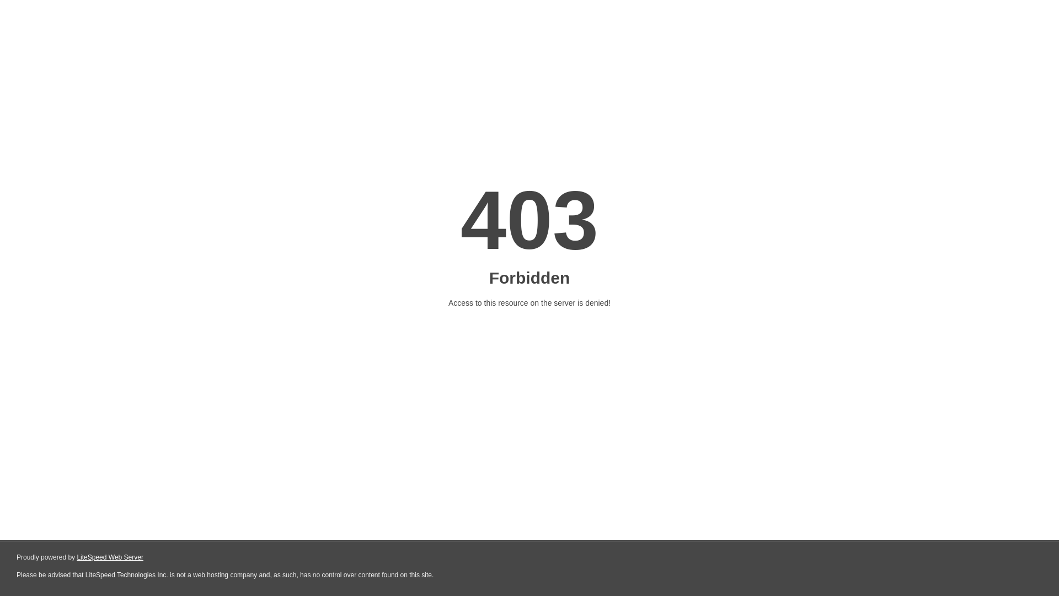 This screenshot has width=1059, height=596. Describe the element at coordinates (110, 557) in the screenshot. I see `'LiteSpeed Web Server'` at that location.